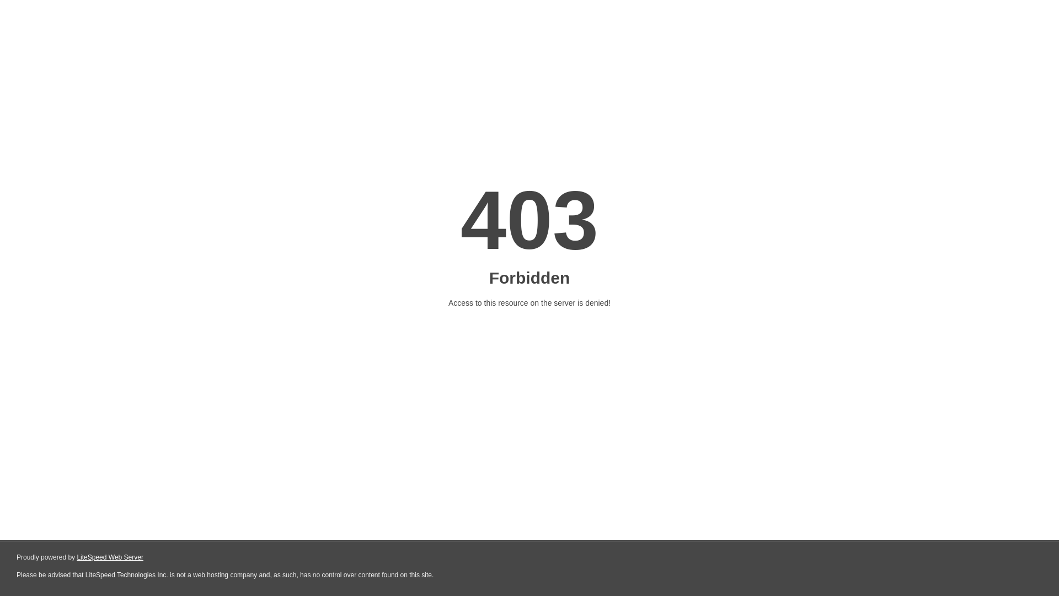 This screenshot has width=1059, height=596. Describe the element at coordinates (110, 557) in the screenshot. I see `'LiteSpeed Web Server'` at that location.